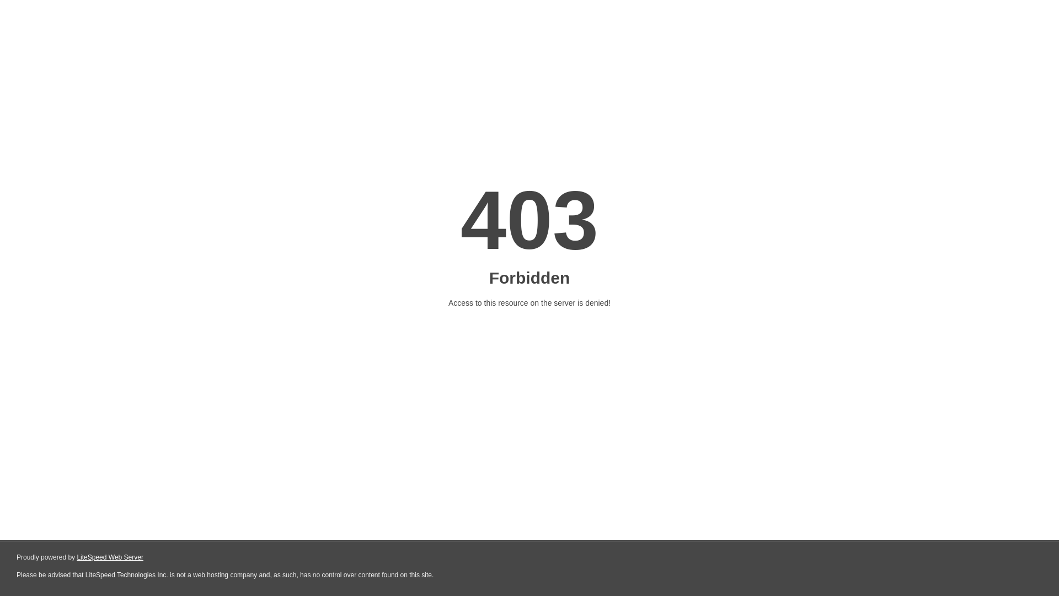 This screenshot has width=1059, height=596. Describe the element at coordinates (110, 557) in the screenshot. I see `'LiteSpeed Web Server'` at that location.